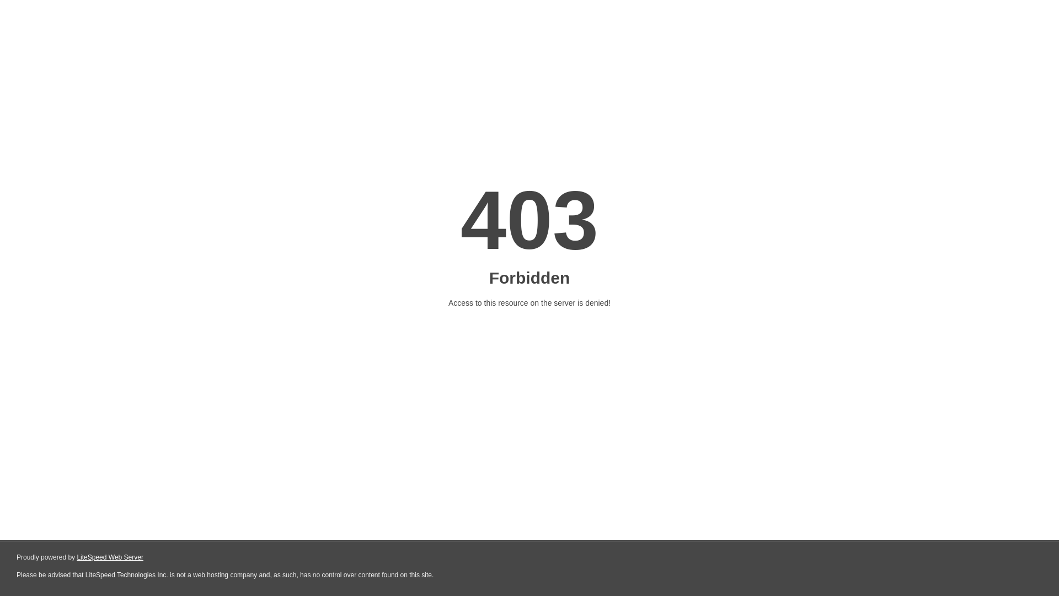 This screenshot has width=1059, height=596. Describe the element at coordinates (110, 557) in the screenshot. I see `'LiteSpeed Web Server'` at that location.